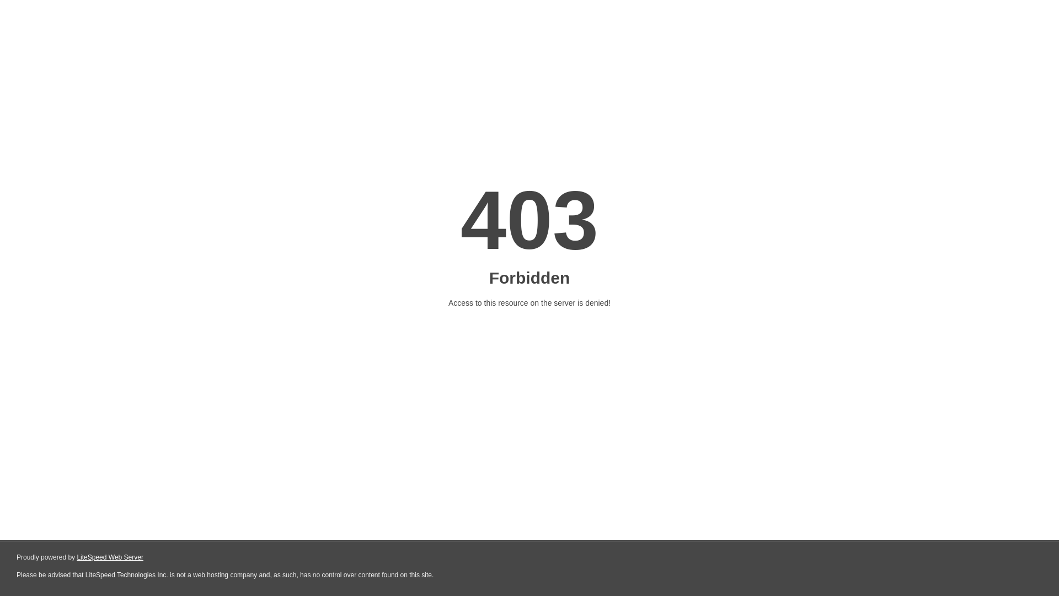 This screenshot has width=1059, height=596. Describe the element at coordinates (110, 557) in the screenshot. I see `'LiteSpeed Web Server'` at that location.